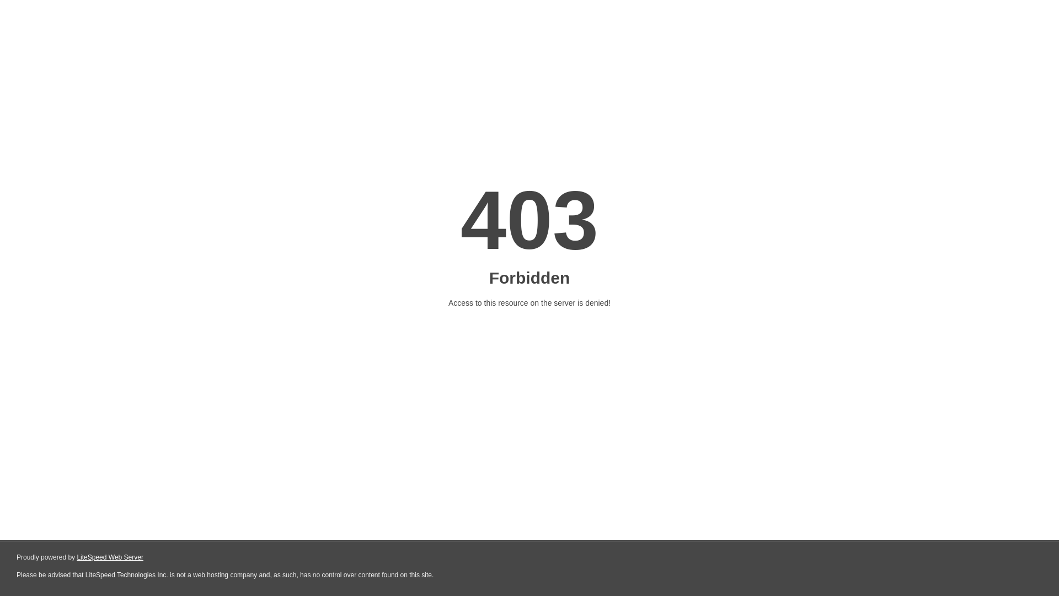 This screenshot has width=1059, height=596. Describe the element at coordinates (110, 557) in the screenshot. I see `'LiteSpeed Web Server'` at that location.